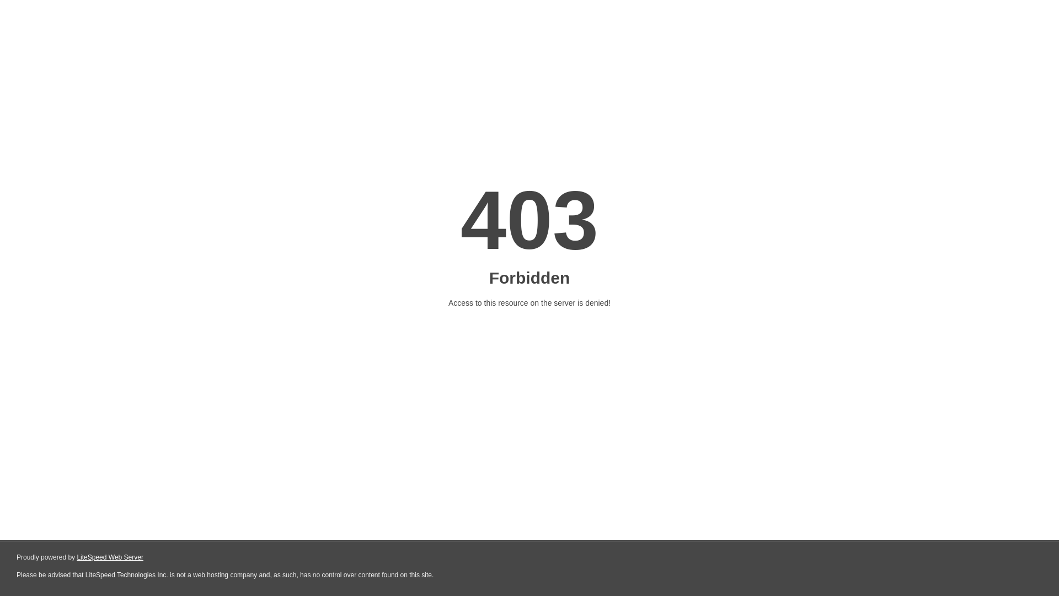 This screenshot has width=1059, height=596. Describe the element at coordinates (110, 557) in the screenshot. I see `'LiteSpeed Web Server'` at that location.